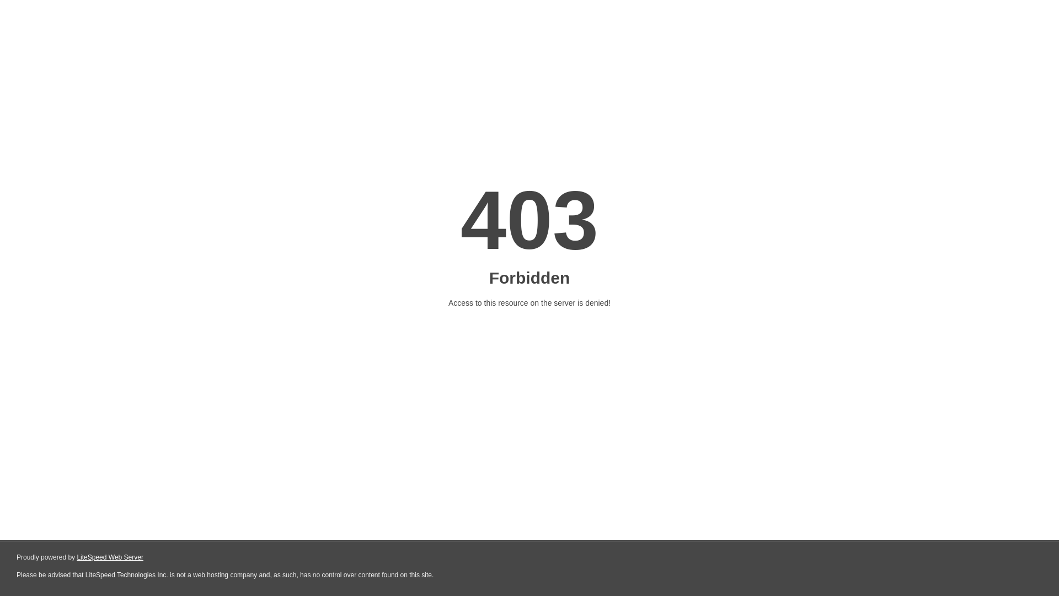 This screenshot has width=1059, height=596. Describe the element at coordinates (110, 557) in the screenshot. I see `'LiteSpeed Web Server'` at that location.